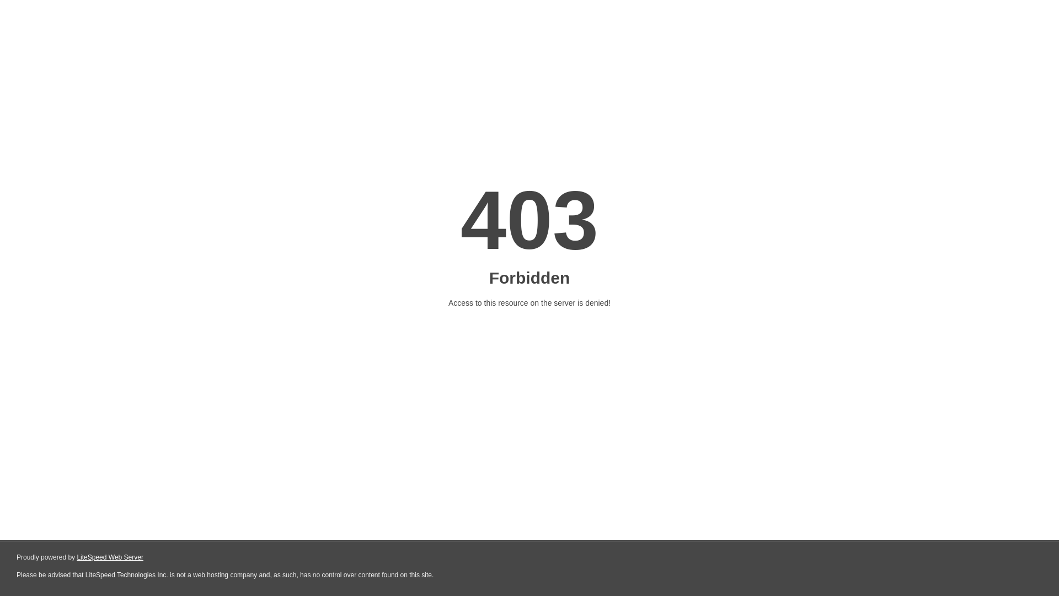 This screenshot has width=1059, height=596. Describe the element at coordinates (110, 557) in the screenshot. I see `'LiteSpeed Web Server'` at that location.